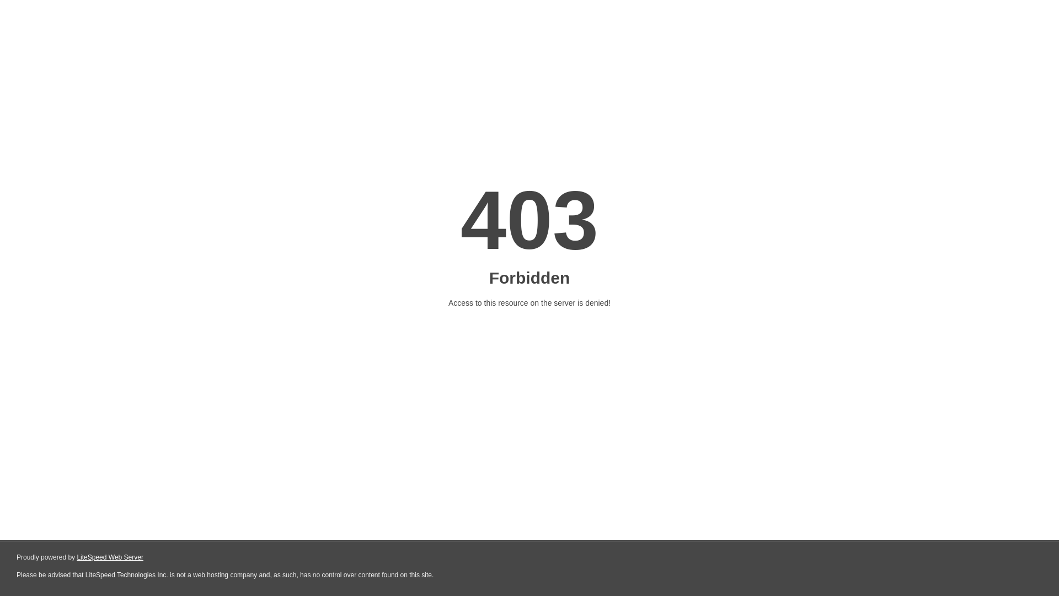 This screenshot has width=1059, height=596. Describe the element at coordinates (110, 557) in the screenshot. I see `'LiteSpeed Web Server'` at that location.